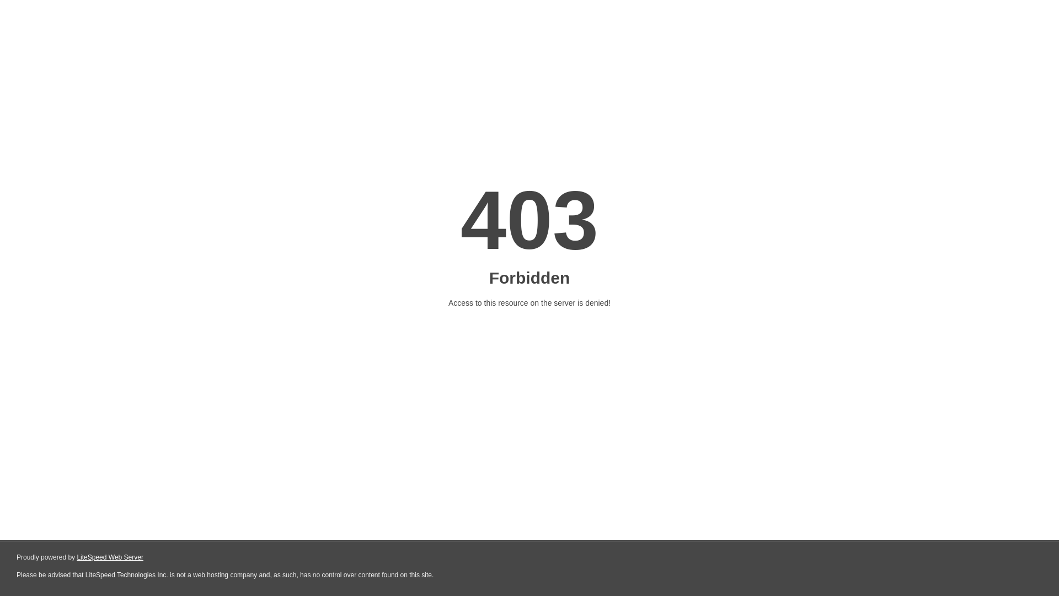 This screenshot has width=1059, height=596. Describe the element at coordinates (110, 557) in the screenshot. I see `'LiteSpeed Web Server'` at that location.